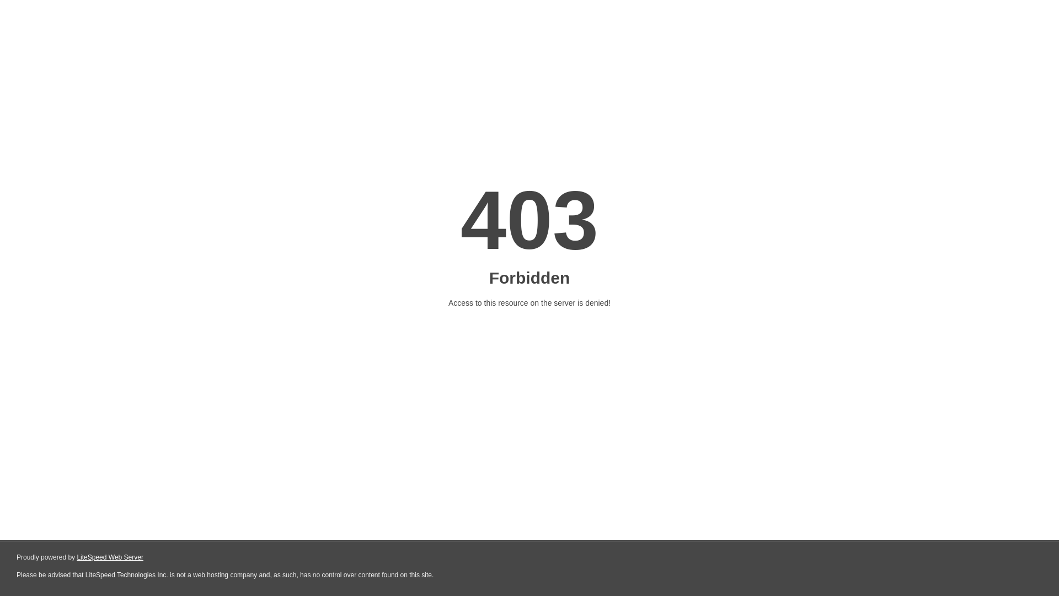 This screenshot has width=1059, height=596. Describe the element at coordinates (110, 557) in the screenshot. I see `'LiteSpeed Web Server'` at that location.